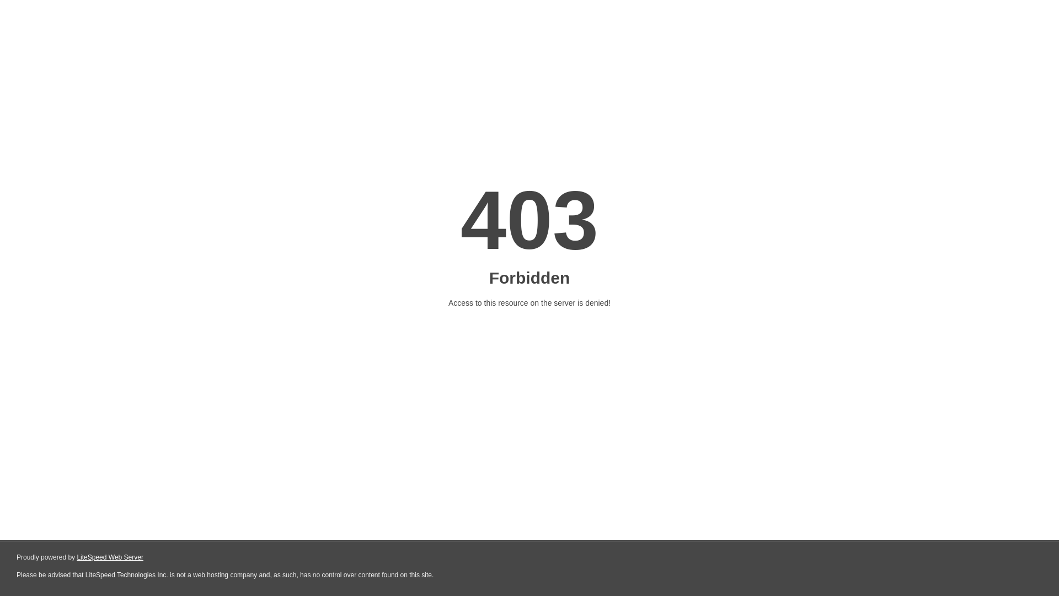 This screenshot has width=1059, height=596. Describe the element at coordinates (110, 557) in the screenshot. I see `'LiteSpeed Web Server'` at that location.